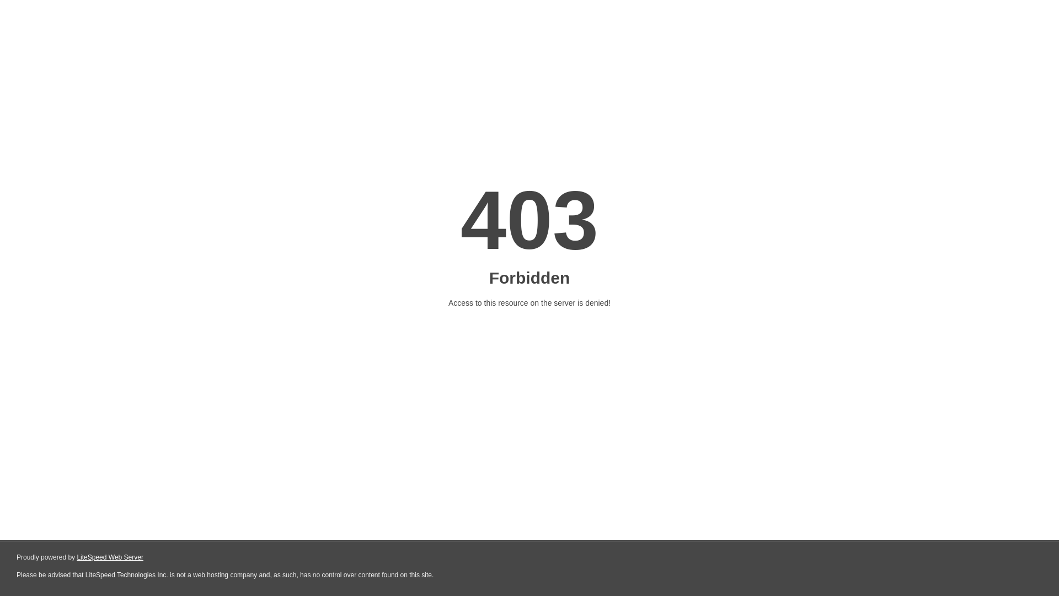 This screenshot has width=1059, height=596. Describe the element at coordinates (110, 557) in the screenshot. I see `'LiteSpeed Web Server'` at that location.